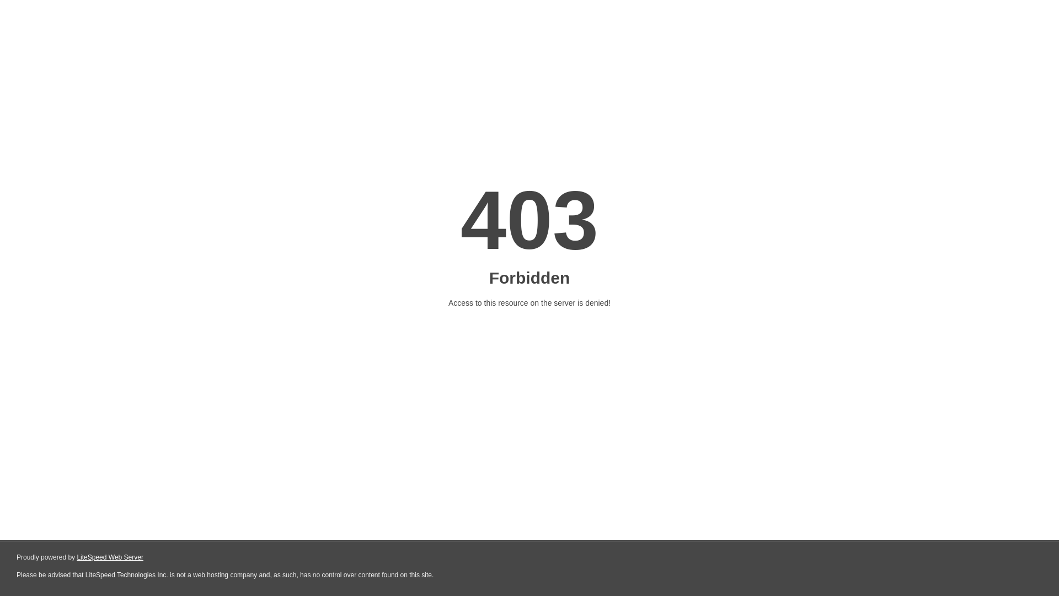 This screenshot has width=1059, height=596. Describe the element at coordinates (110, 557) in the screenshot. I see `'LiteSpeed Web Server'` at that location.